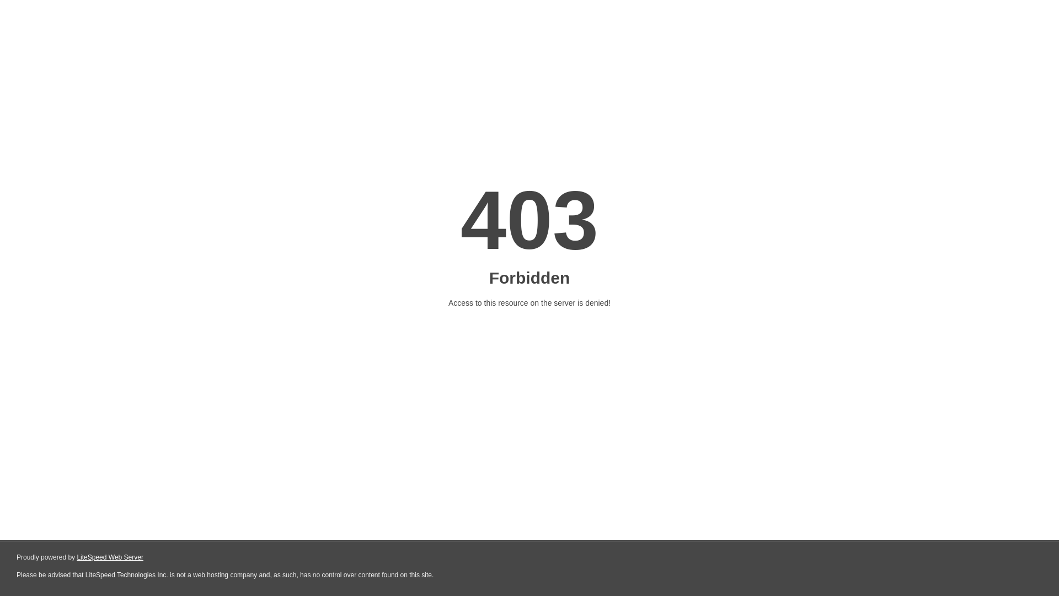 This screenshot has width=1059, height=596. Describe the element at coordinates (110, 557) in the screenshot. I see `'LiteSpeed Web Server'` at that location.